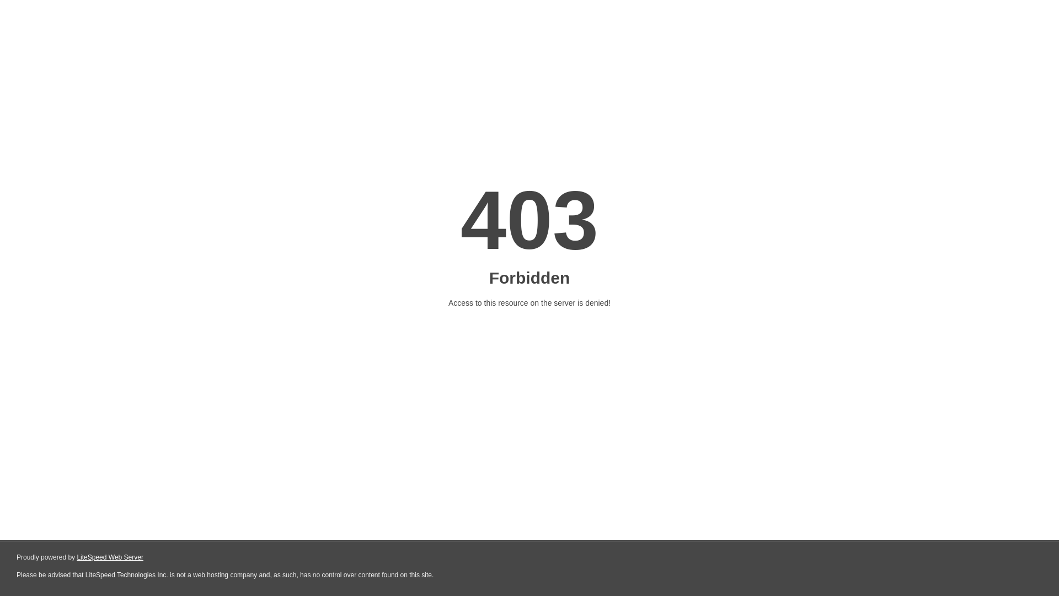 This screenshot has width=1059, height=596. Describe the element at coordinates (110, 557) in the screenshot. I see `'LiteSpeed Web Server'` at that location.